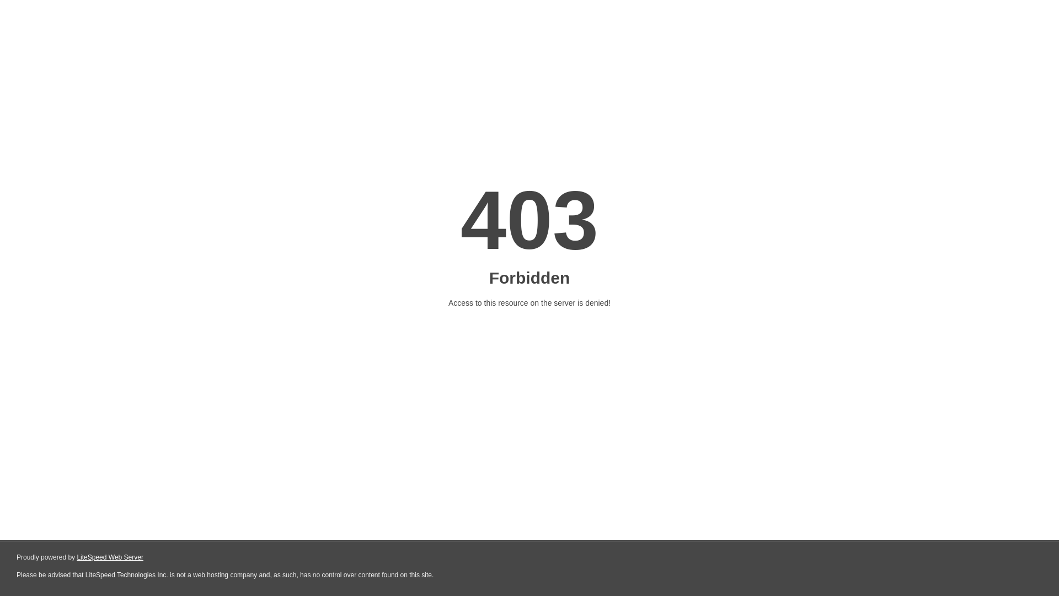 This screenshot has width=1059, height=596. Describe the element at coordinates (110, 557) in the screenshot. I see `'LiteSpeed Web Server'` at that location.